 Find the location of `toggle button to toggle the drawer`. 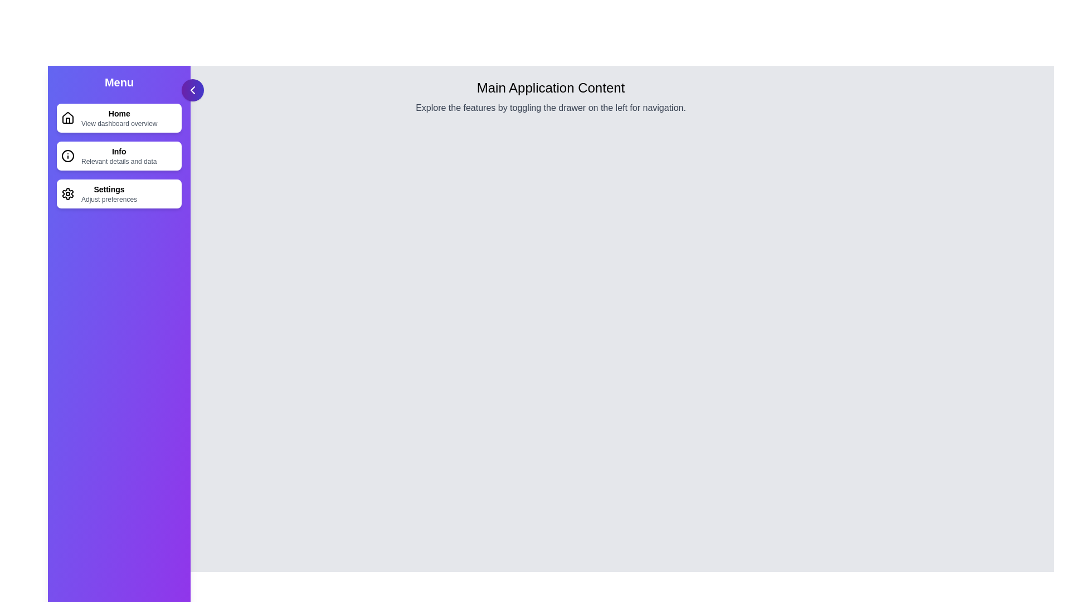

toggle button to toggle the drawer is located at coordinates (192, 90).